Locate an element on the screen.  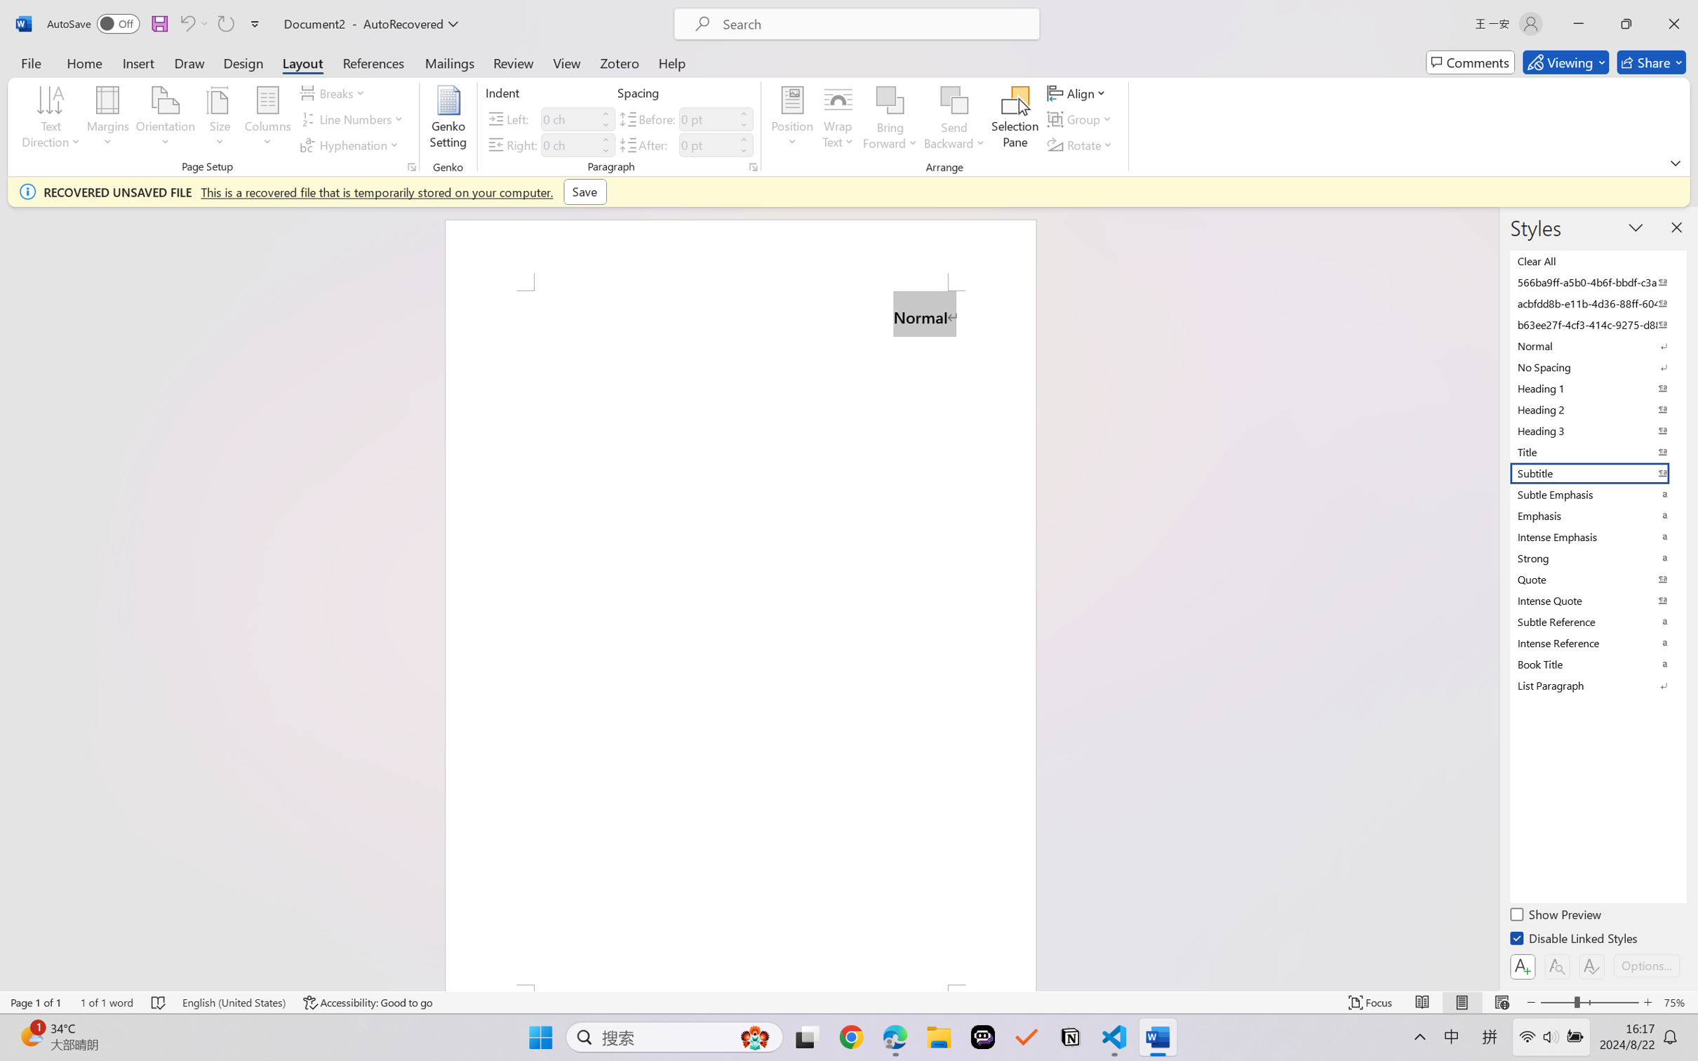
'Subtle Emphasis' is located at coordinates (1596, 493).